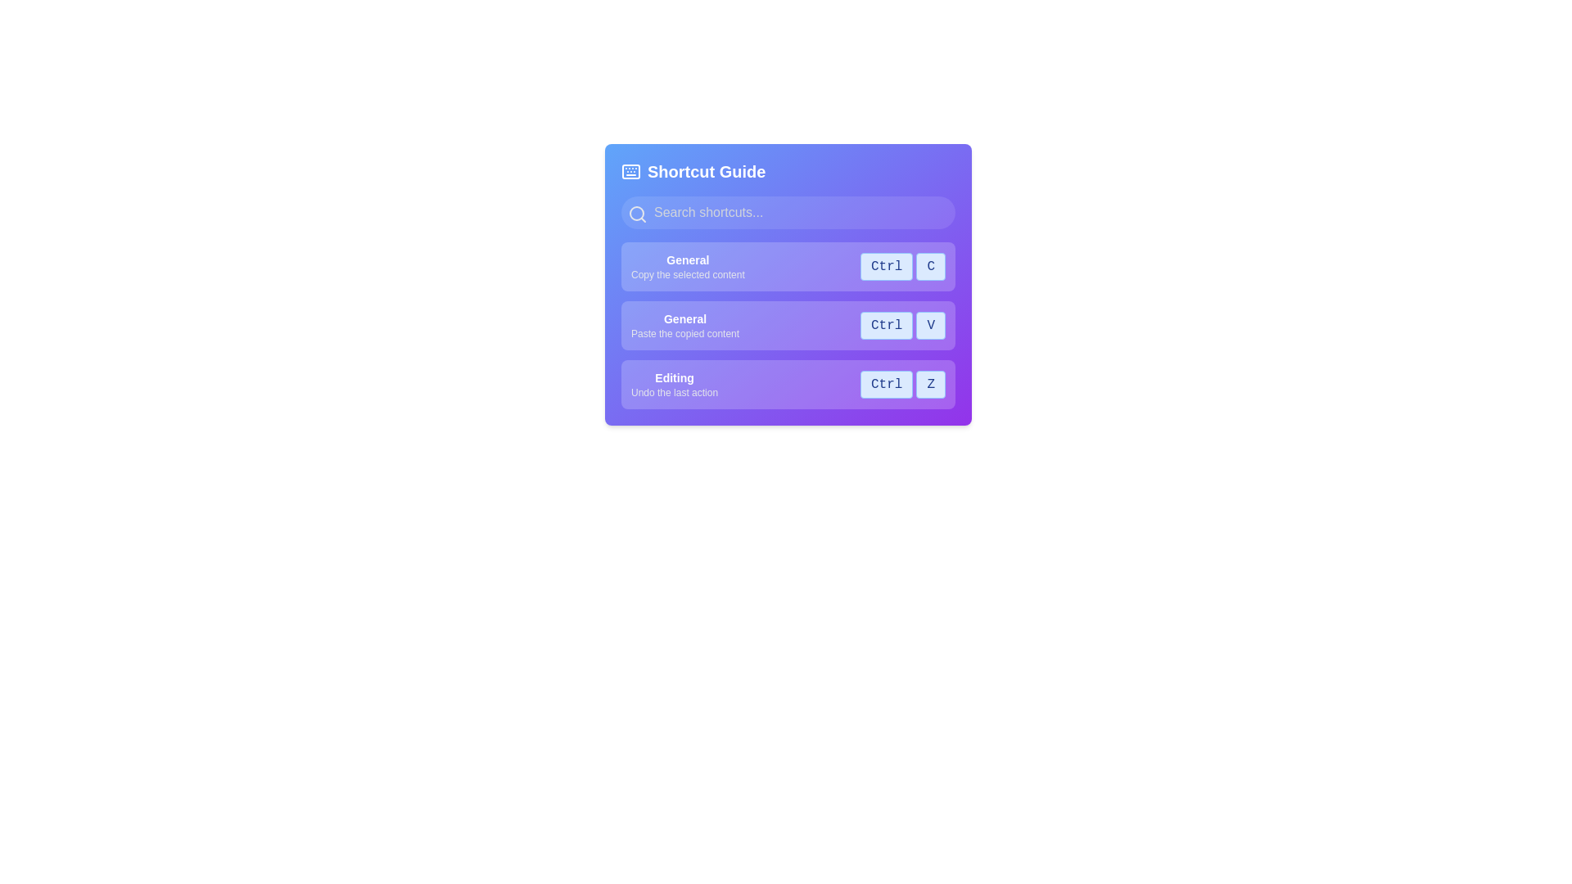 This screenshot has height=884, width=1572. Describe the element at coordinates (886, 385) in the screenshot. I see `the 'Ctrl' key indicator text button in the Shortcut Guide, which is non-interactive and serves as an informational element` at that location.